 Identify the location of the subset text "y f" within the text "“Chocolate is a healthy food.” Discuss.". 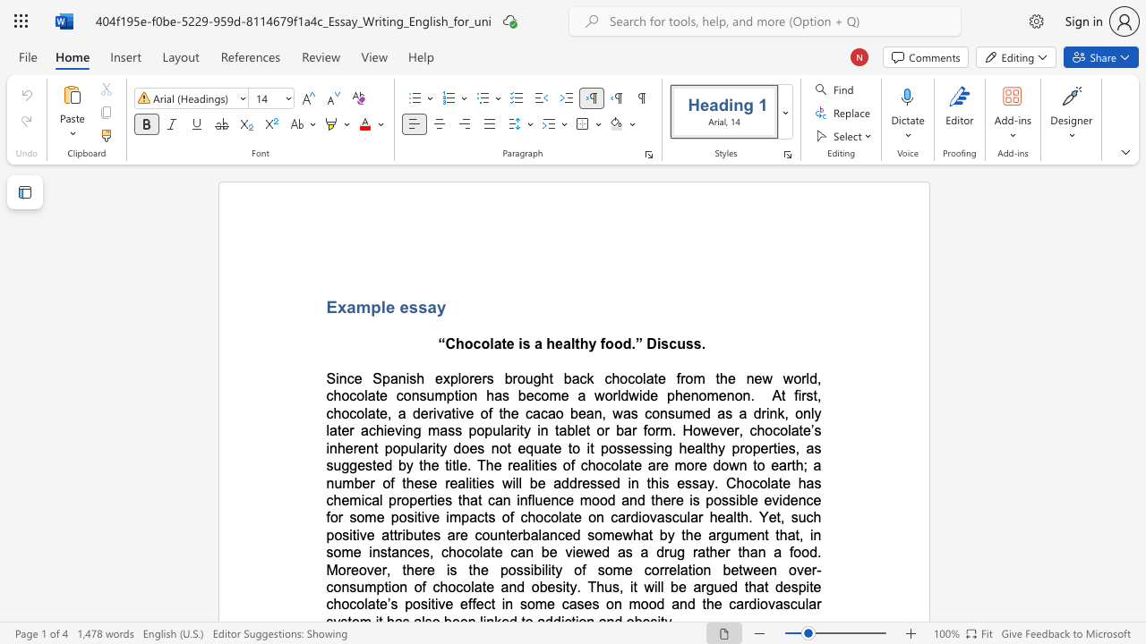
(588, 343).